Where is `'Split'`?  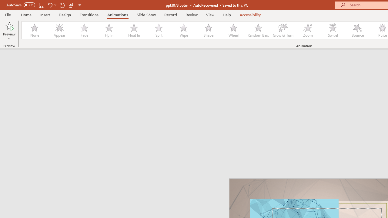
'Split' is located at coordinates (159, 30).